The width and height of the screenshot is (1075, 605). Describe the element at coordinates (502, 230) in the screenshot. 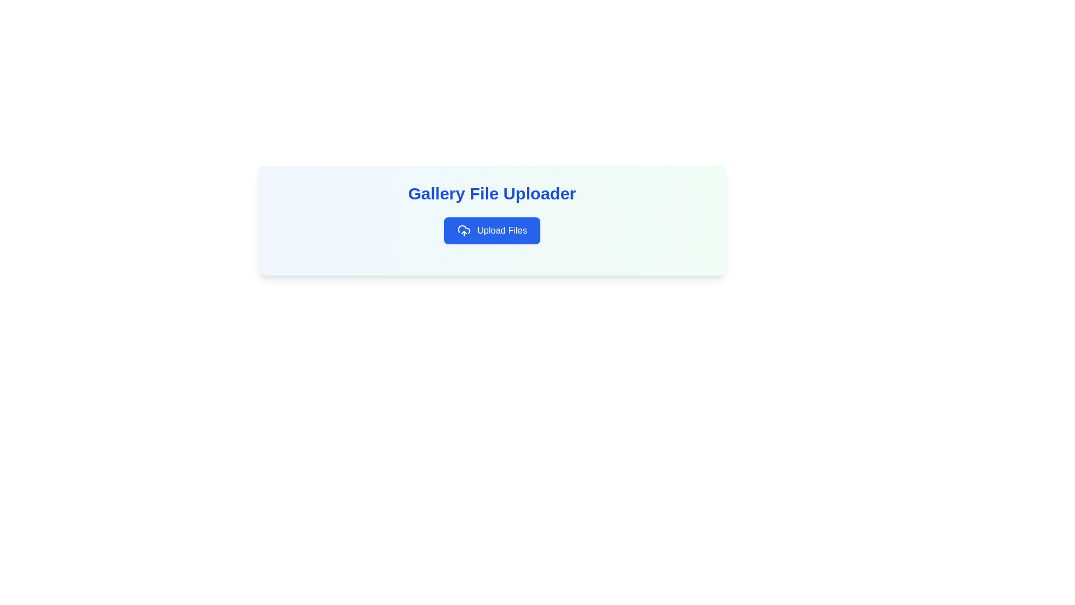

I see `the 'Upload Files' text label within the blue button, which is part of the Gallery File Uploader section` at that location.